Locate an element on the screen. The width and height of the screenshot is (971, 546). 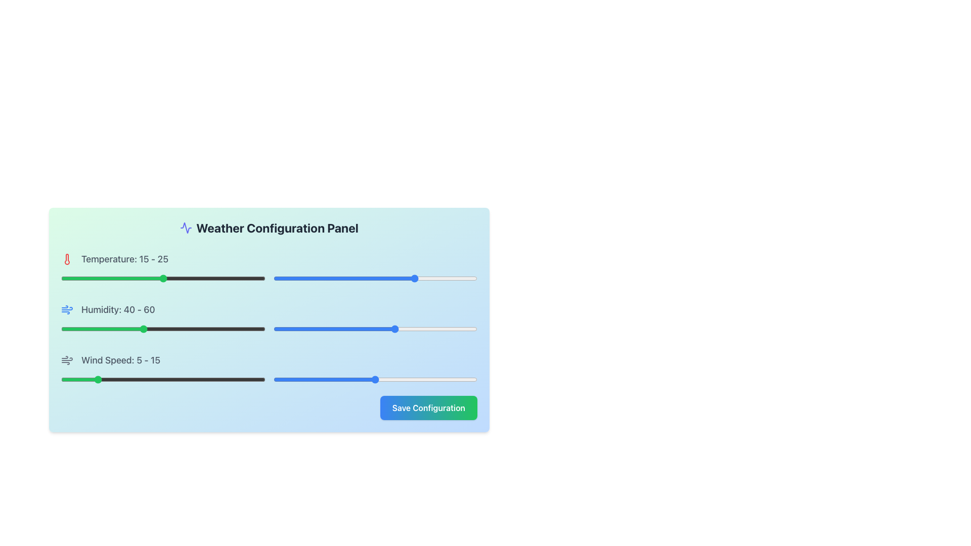
the wind speed is located at coordinates (224, 380).